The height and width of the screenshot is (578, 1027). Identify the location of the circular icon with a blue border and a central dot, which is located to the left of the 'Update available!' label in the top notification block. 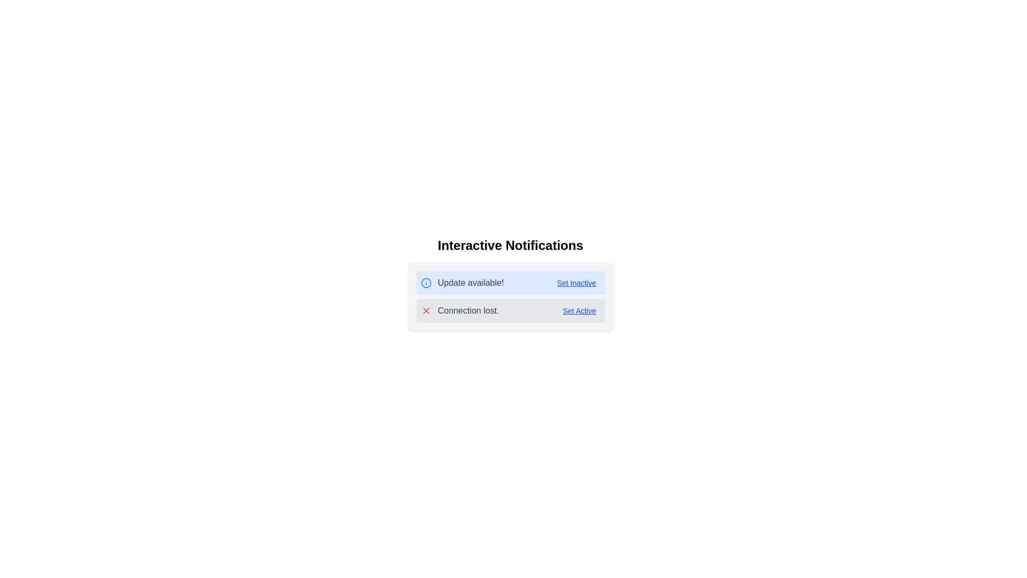
(425, 282).